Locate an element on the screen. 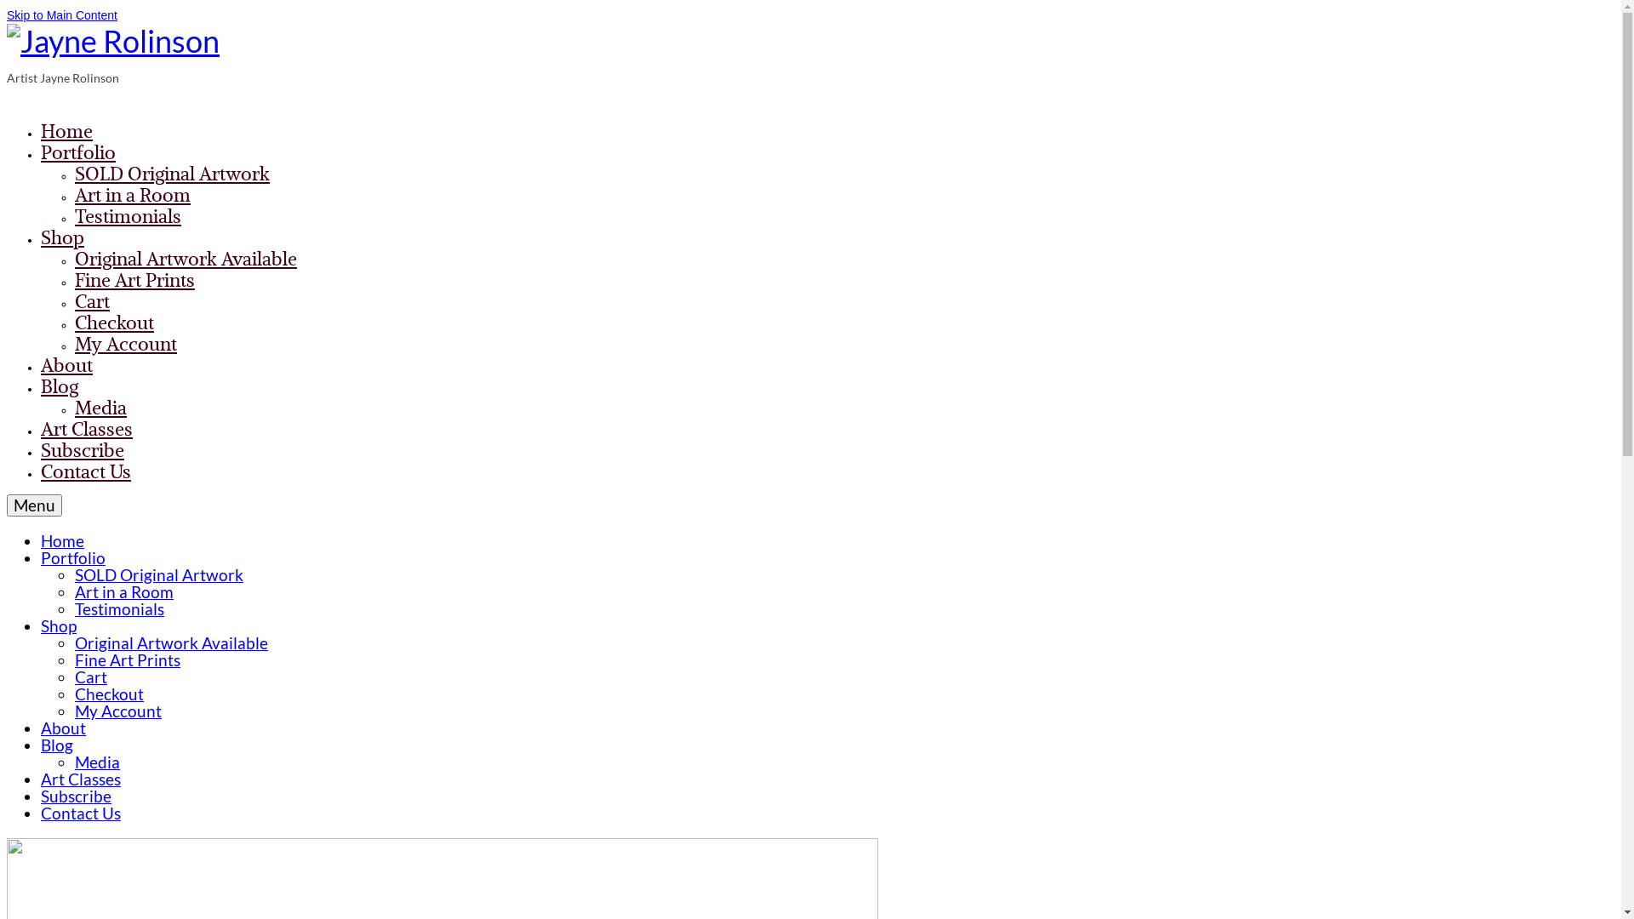  'Media' is located at coordinates (96, 761).